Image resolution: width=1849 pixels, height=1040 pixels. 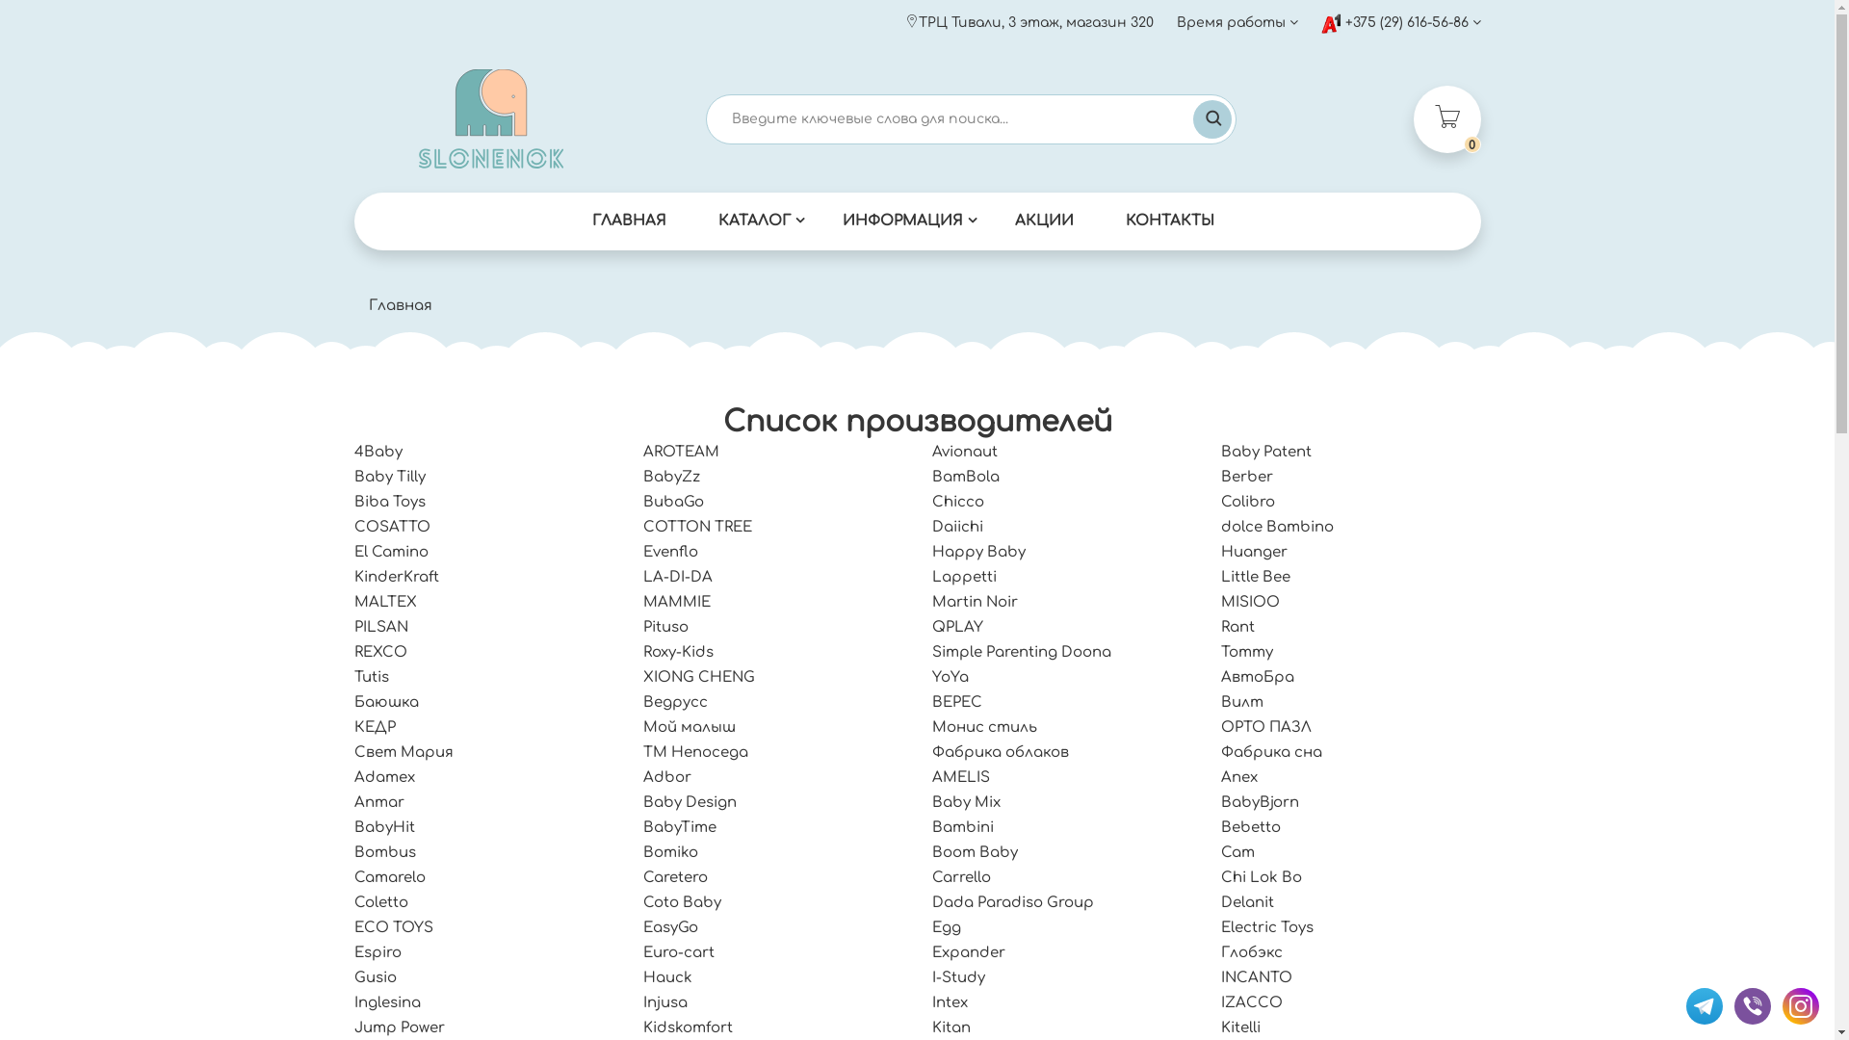 What do you see at coordinates (642, 627) in the screenshot?
I see `'Pituso'` at bounding box center [642, 627].